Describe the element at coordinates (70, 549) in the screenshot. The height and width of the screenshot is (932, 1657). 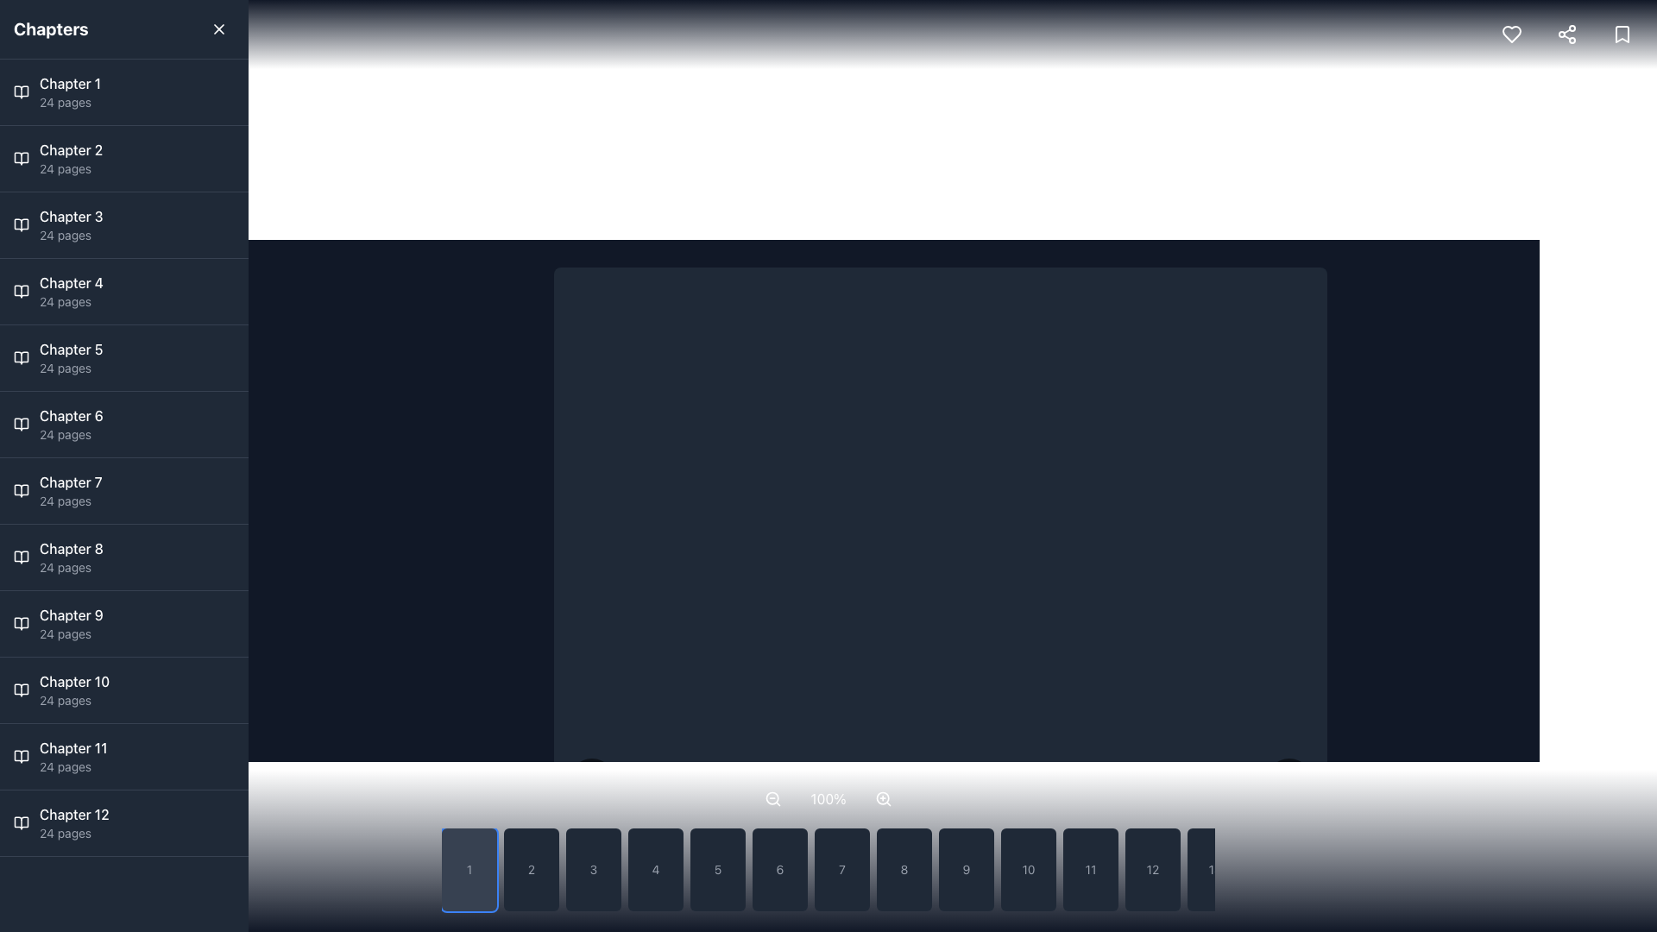
I see `the 'Chapter 8' text label, which is a medium-weight font styled in white against a dark background, to focus or select it` at that location.